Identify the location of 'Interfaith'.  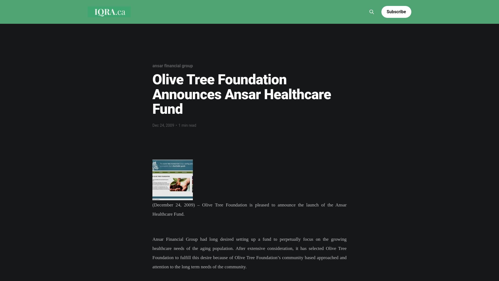
(270, 4).